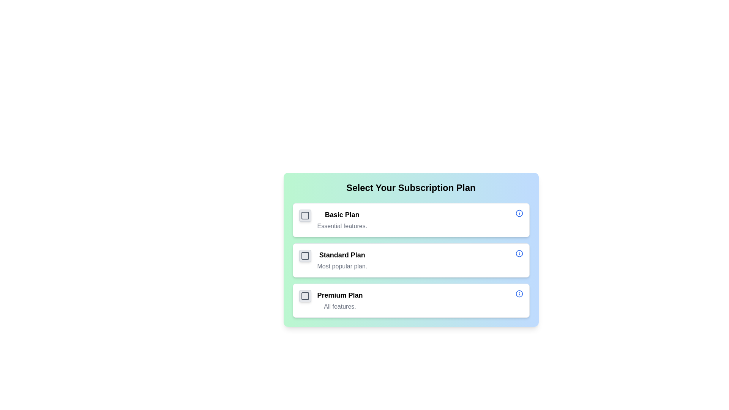 The image size is (729, 410). What do you see at coordinates (305, 295) in the screenshot?
I see `the checkbox` at bounding box center [305, 295].